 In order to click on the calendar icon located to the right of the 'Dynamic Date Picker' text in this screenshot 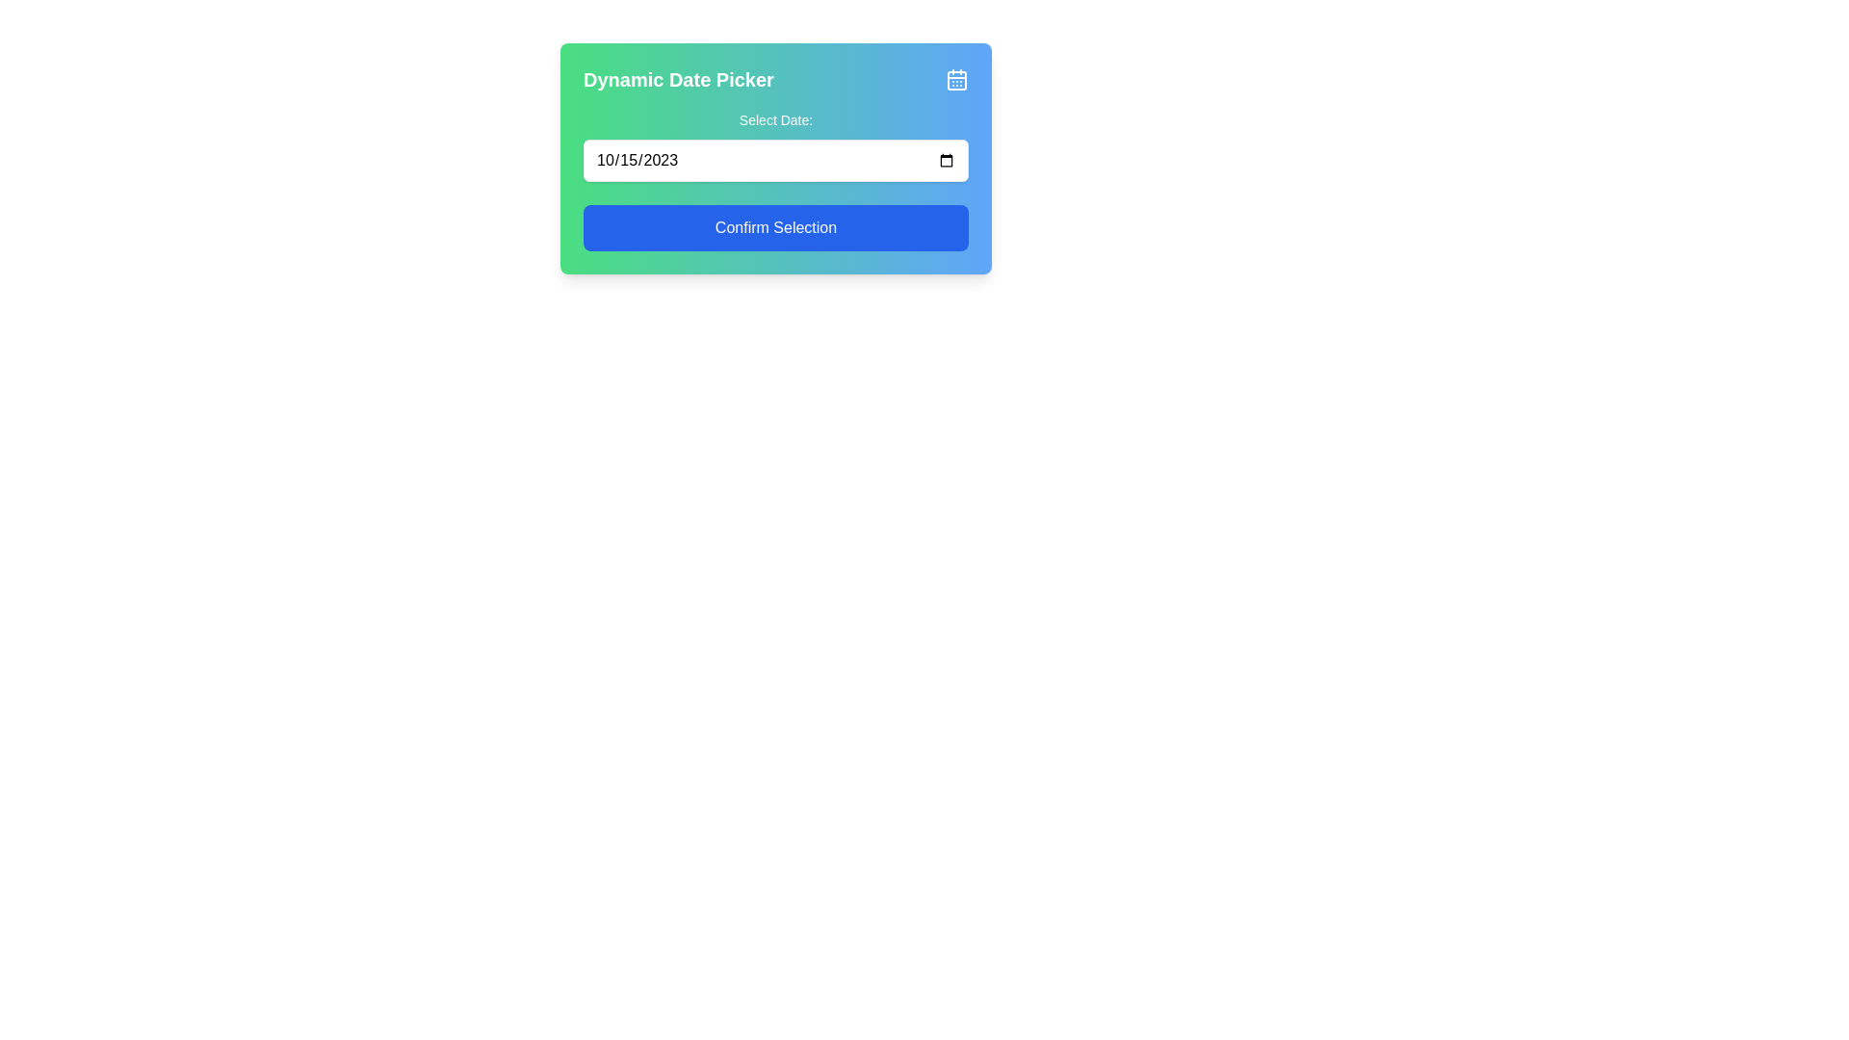, I will do `click(956, 79)`.